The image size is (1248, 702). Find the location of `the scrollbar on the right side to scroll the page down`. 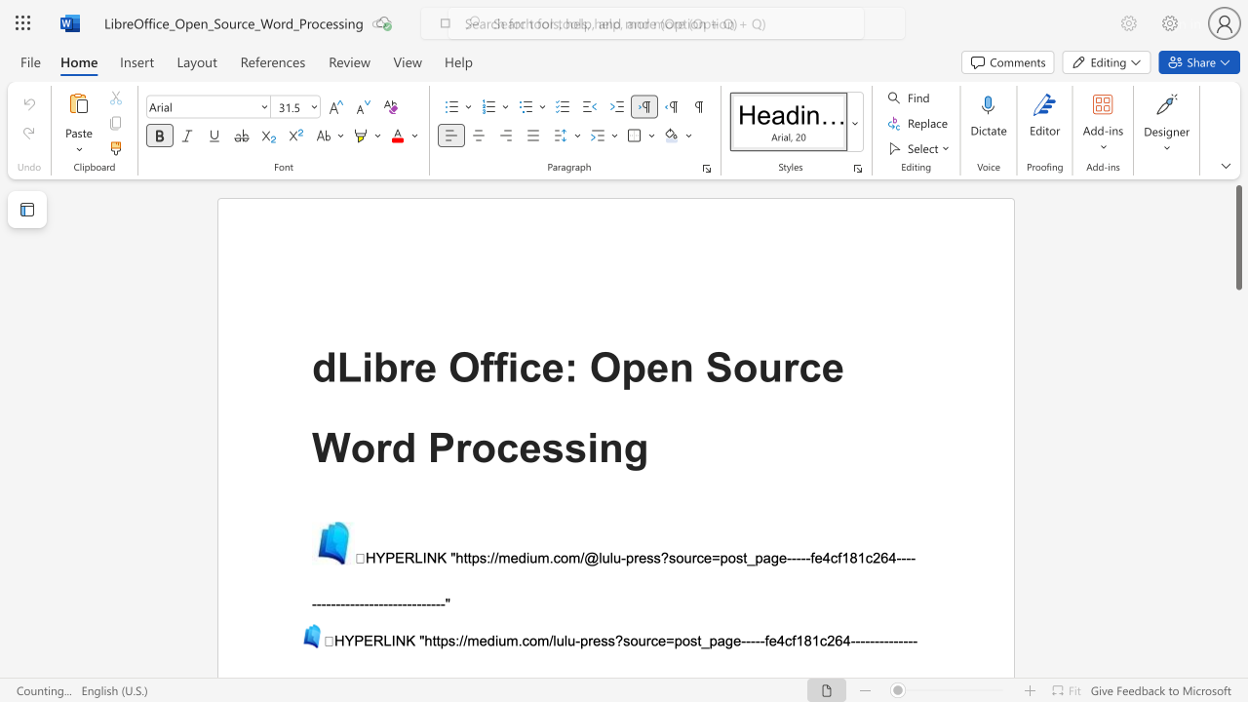

the scrollbar on the right side to scroll the page down is located at coordinates (1237, 439).